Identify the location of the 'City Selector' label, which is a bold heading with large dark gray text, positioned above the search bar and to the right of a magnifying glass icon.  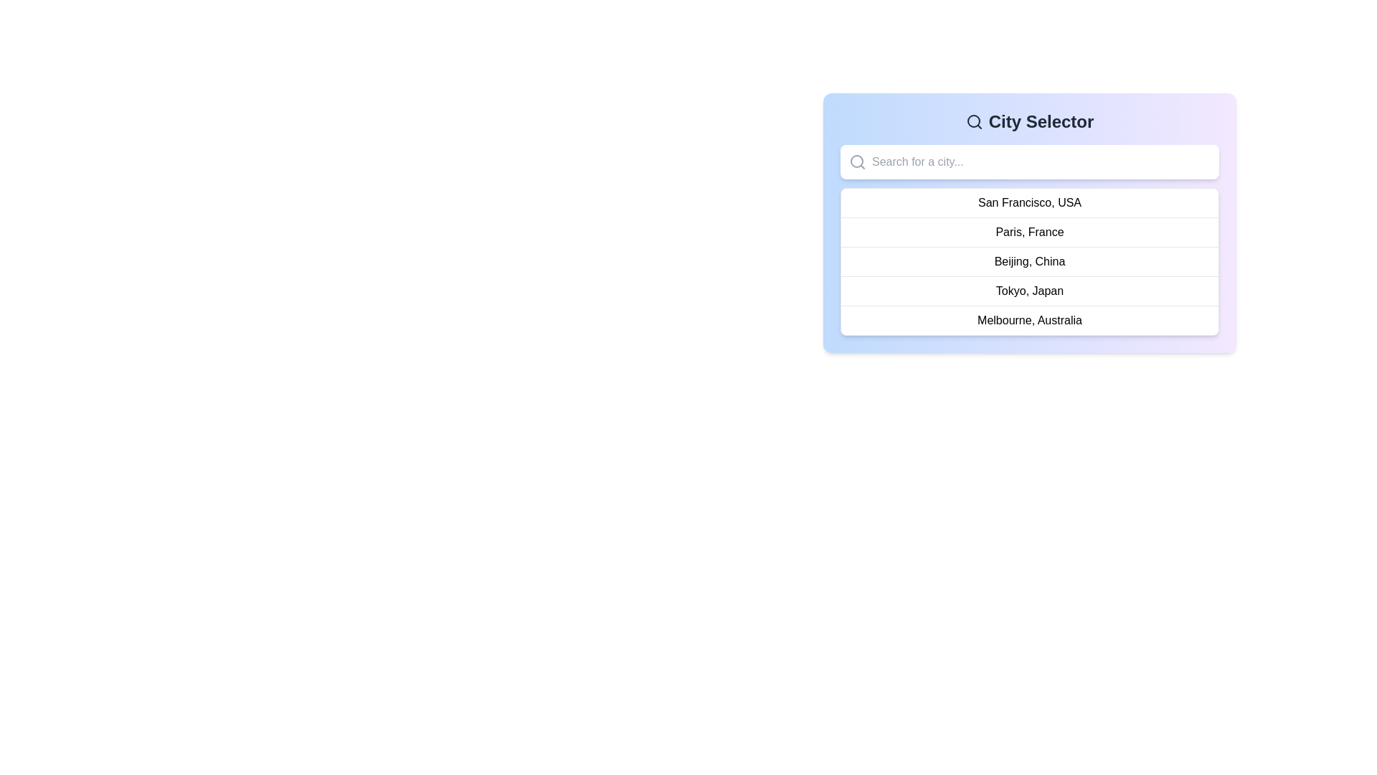
(1028, 121).